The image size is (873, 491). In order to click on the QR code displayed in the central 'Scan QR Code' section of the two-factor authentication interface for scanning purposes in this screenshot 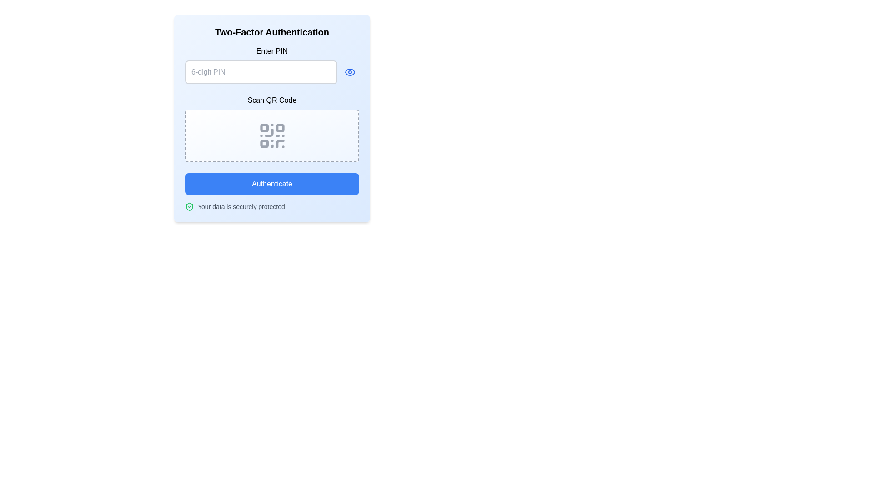, I will do `click(271, 118)`.